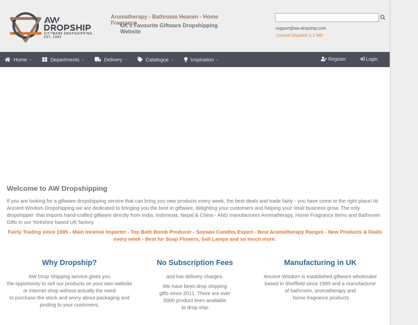 The height and width of the screenshot is (325, 418). I want to click on 'Home', so click(20, 59).